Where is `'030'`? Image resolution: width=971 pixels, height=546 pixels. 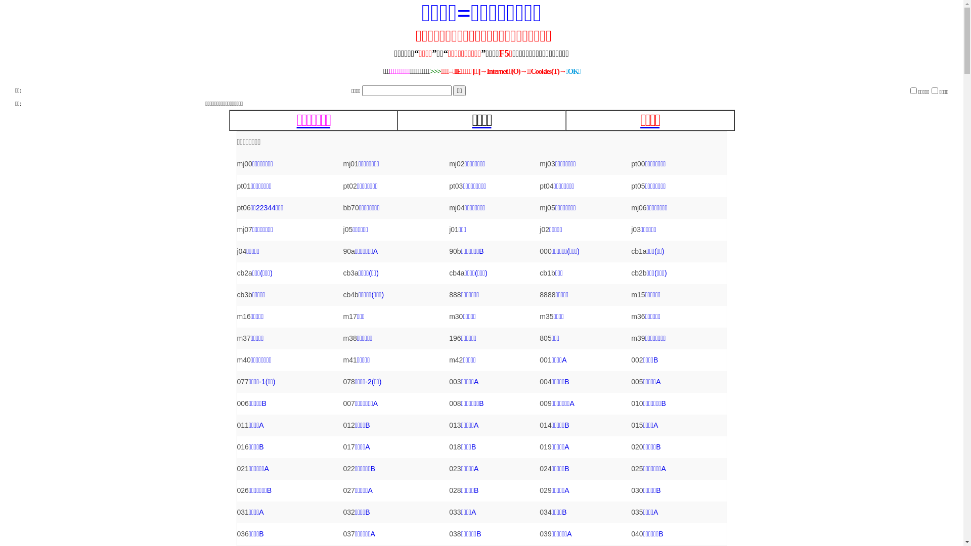
'030' is located at coordinates (636, 489).